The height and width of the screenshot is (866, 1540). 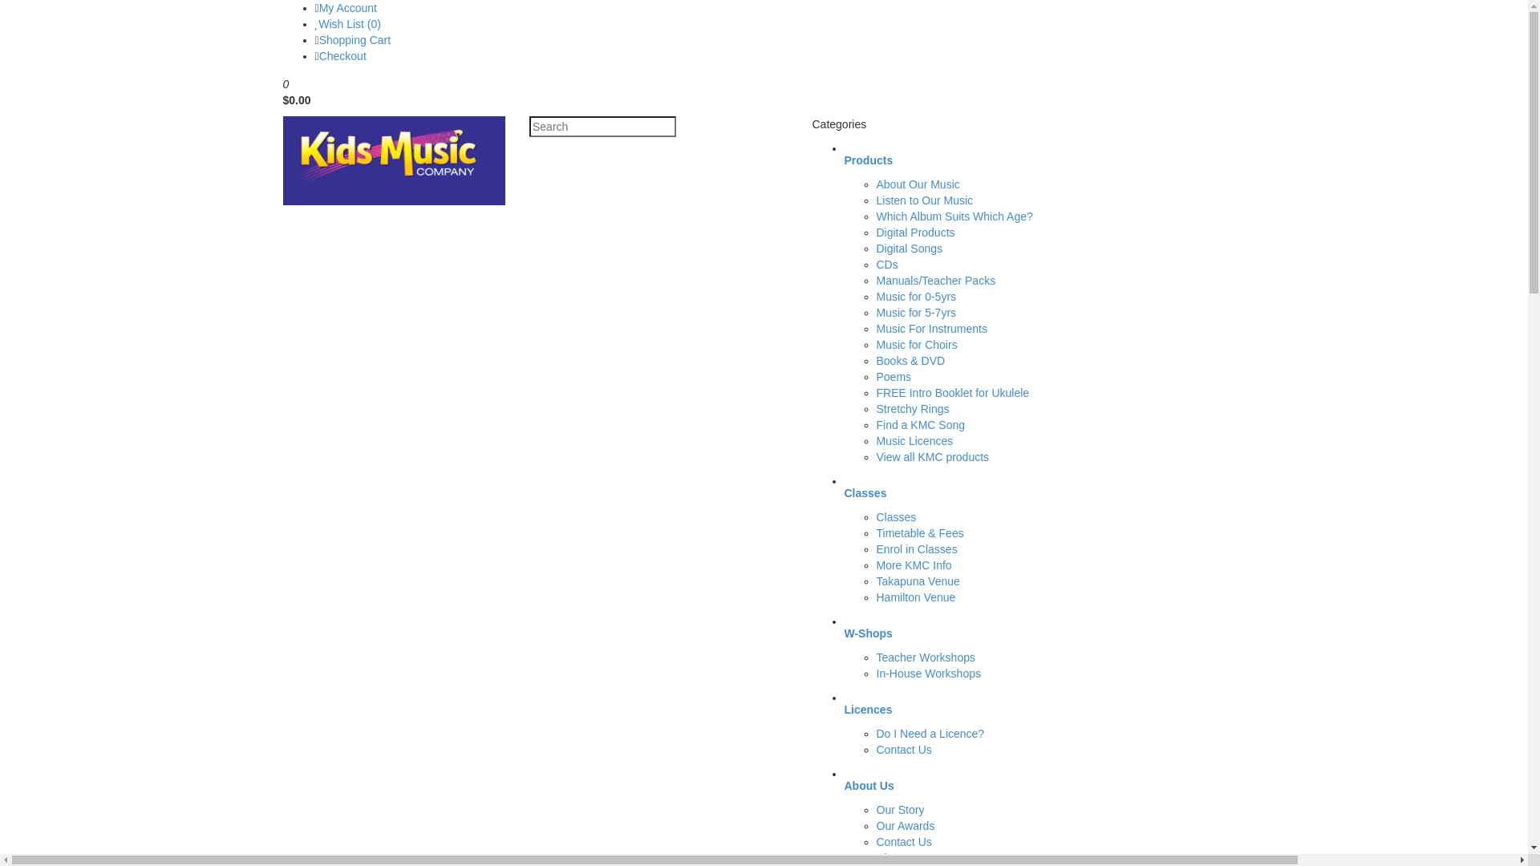 What do you see at coordinates (930, 733) in the screenshot?
I see `'Do I Need a Licence?'` at bounding box center [930, 733].